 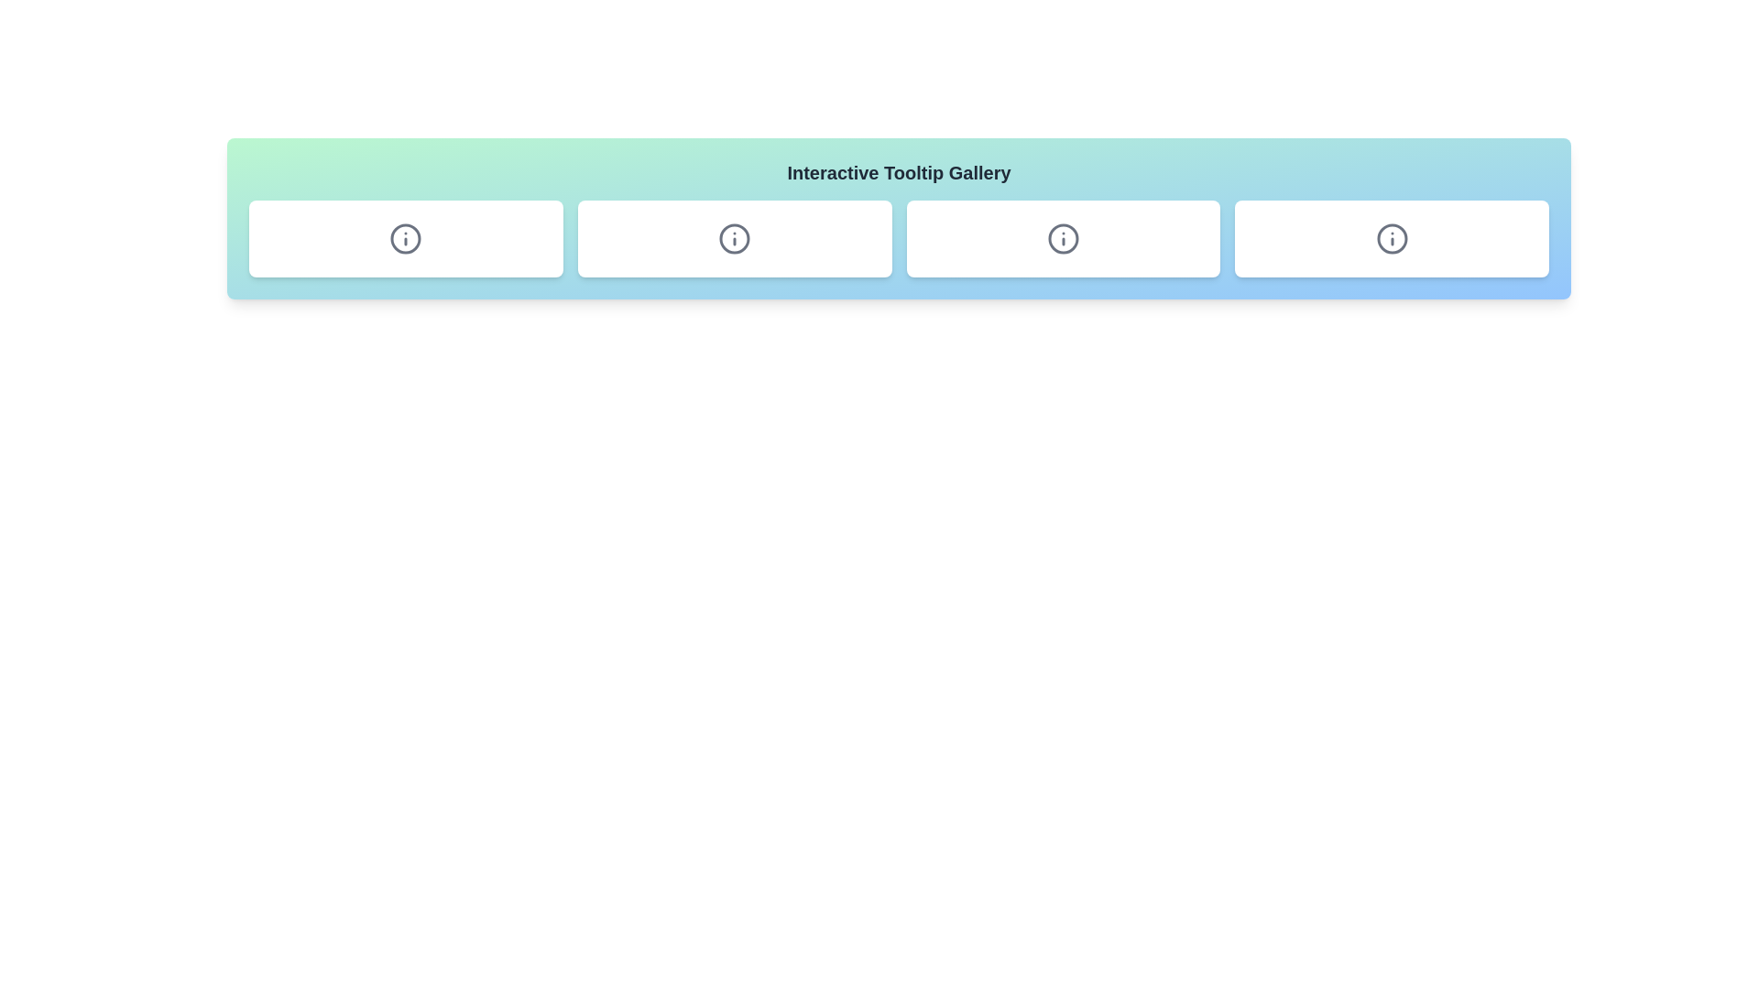 I want to click on the Circle element in the SVG graphic, which is centrally positioned in the second panel from the left and signifies information with its minimalistic design, so click(x=405, y=238).